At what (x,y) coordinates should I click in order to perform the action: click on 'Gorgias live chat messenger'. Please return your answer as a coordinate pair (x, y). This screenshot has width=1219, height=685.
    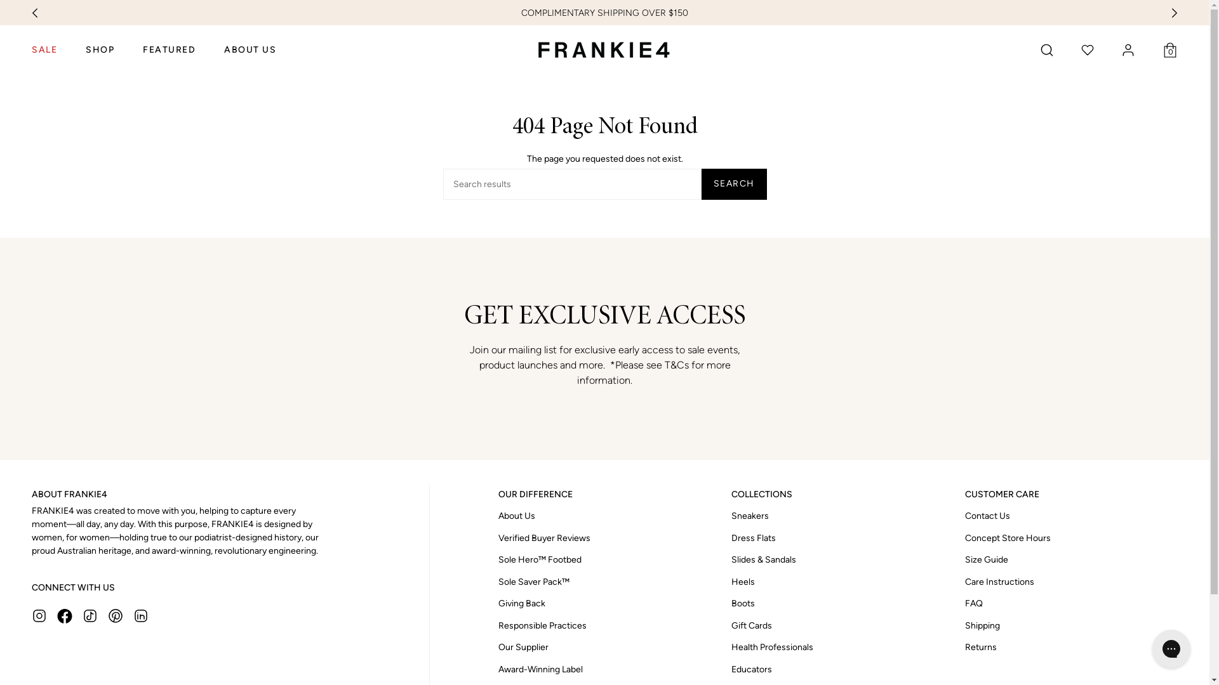
    Looking at the image, I should click on (1170, 648).